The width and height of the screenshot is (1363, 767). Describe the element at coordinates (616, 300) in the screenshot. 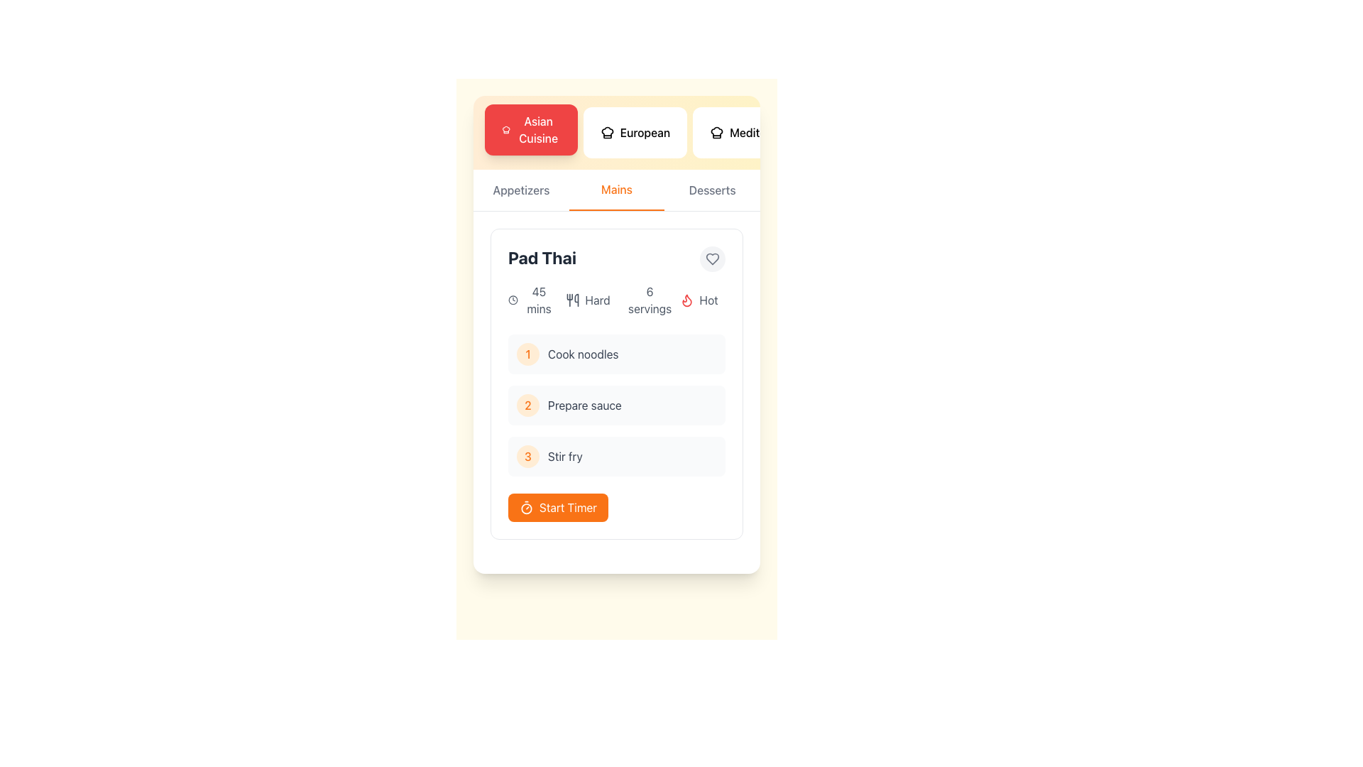

I see `displayed details from the Information block located below the recipe title 'Pad Thai' in the recipe card section` at that location.